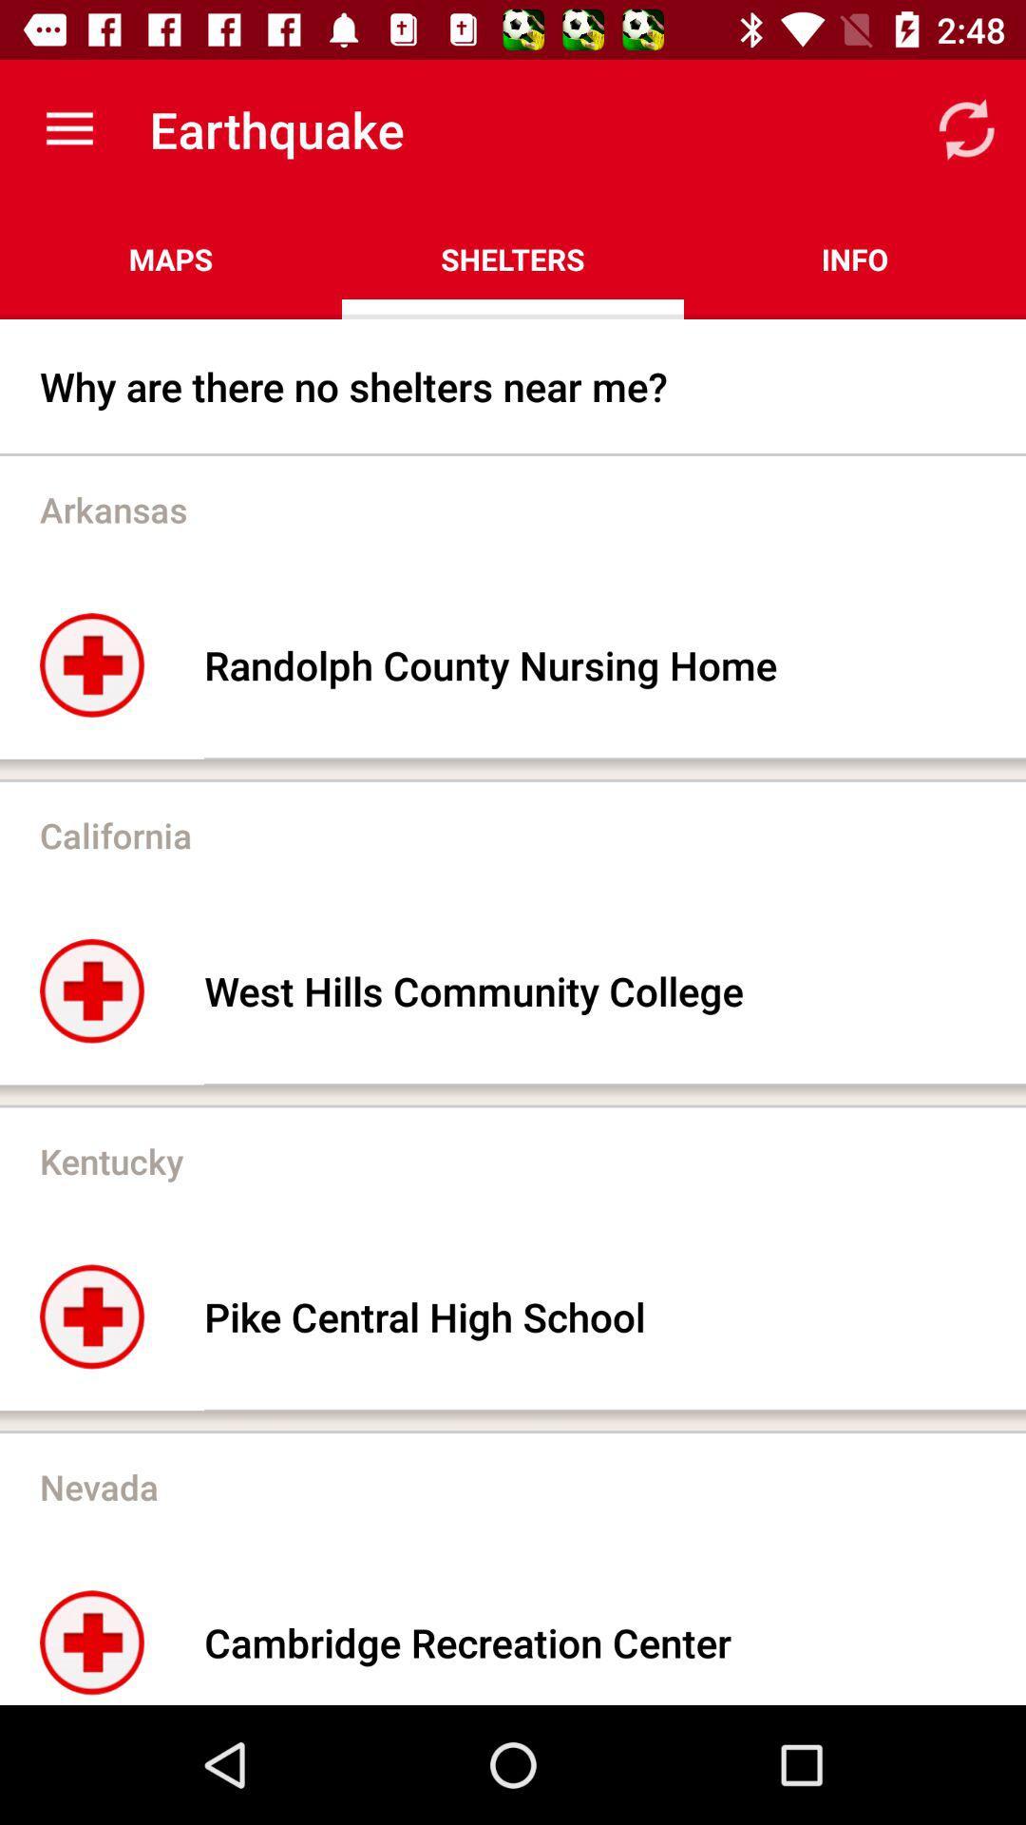 The width and height of the screenshot is (1026, 1825). What do you see at coordinates (171, 259) in the screenshot?
I see `the icon next to shelters icon` at bounding box center [171, 259].